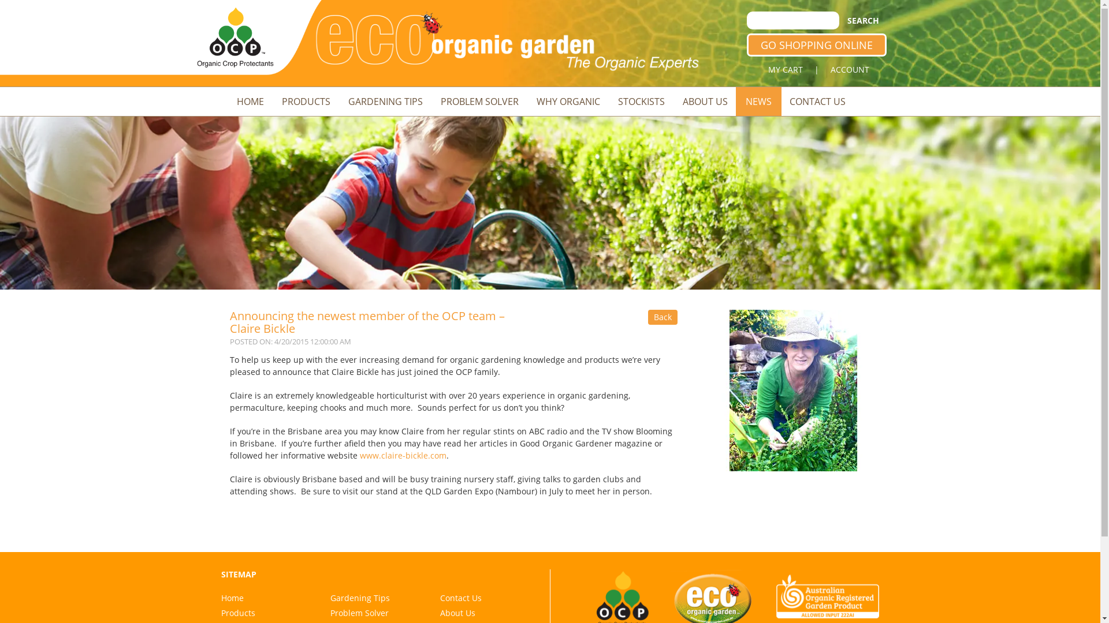 This screenshot has height=623, width=1109. What do you see at coordinates (704, 101) in the screenshot?
I see `'ABOUT US'` at bounding box center [704, 101].